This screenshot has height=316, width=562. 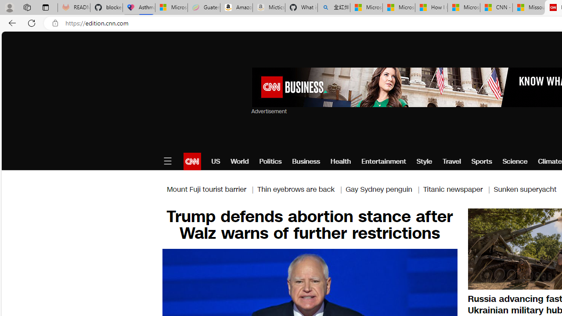 What do you see at coordinates (496, 7) in the screenshot?
I see `'CNN - MSN'` at bounding box center [496, 7].